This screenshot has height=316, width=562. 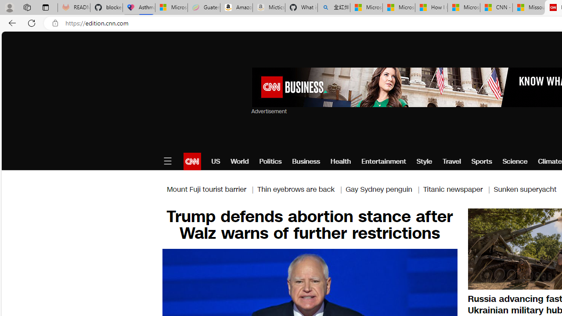 What do you see at coordinates (496, 7) in the screenshot?
I see `'CNN - MSN'` at bounding box center [496, 7].